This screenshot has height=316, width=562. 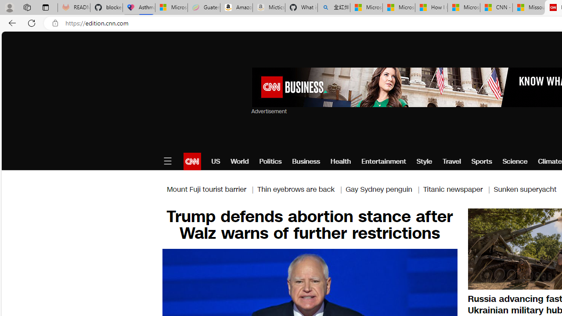 What do you see at coordinates (496, 7) in the screenshot?
I see `'CNN - MSN'` at bounding box center [496, 7].